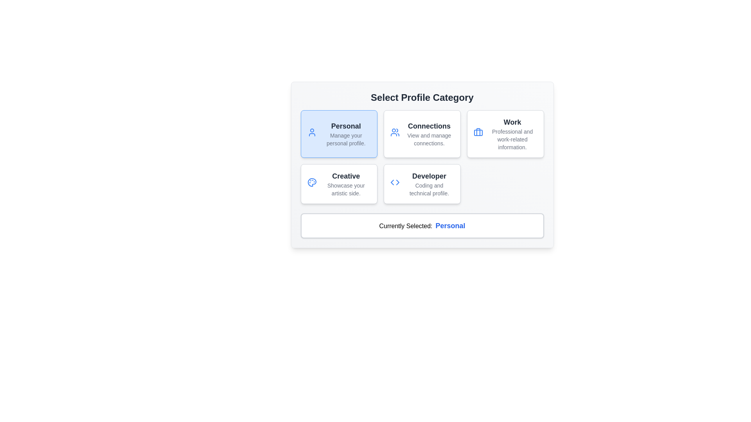  What do you see at coordinates (395, 134) in the screenshot?
I see `the 'Connections' icon, which is the leftmost icon in the top row of the grid layout within the 'Connections - View and manage connections' panel` at bounding box center [395, 134].